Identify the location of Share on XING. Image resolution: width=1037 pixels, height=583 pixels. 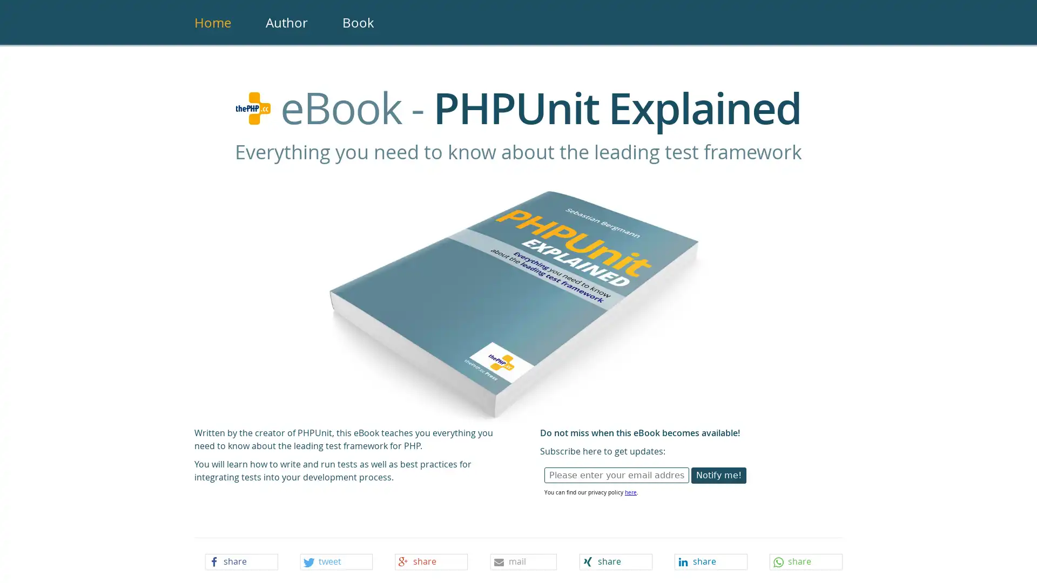
(615, 561).